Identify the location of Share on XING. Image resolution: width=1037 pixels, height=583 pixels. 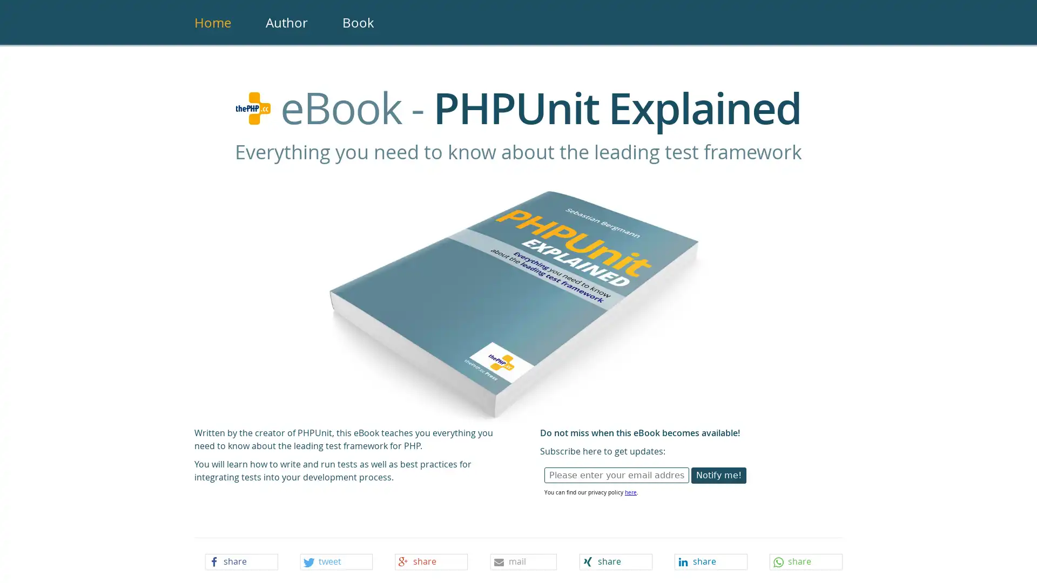
(615, 561).